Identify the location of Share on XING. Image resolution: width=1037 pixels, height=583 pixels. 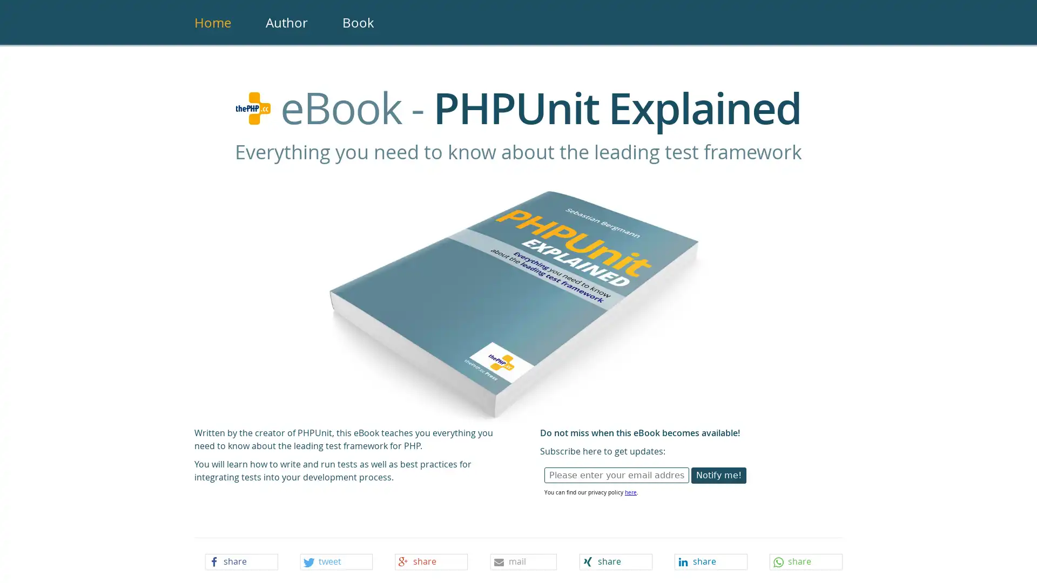
(615, 561).